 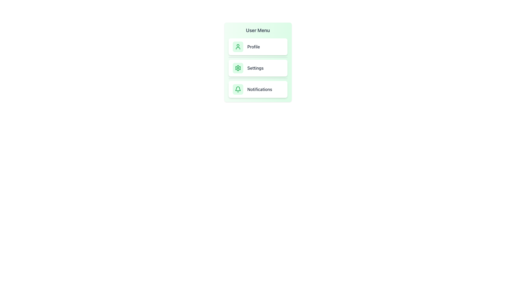 I want to click on the 'Notifications' button, which has a white background, rounded corners, and a bell icon on the left, so click(x=258, y=89).